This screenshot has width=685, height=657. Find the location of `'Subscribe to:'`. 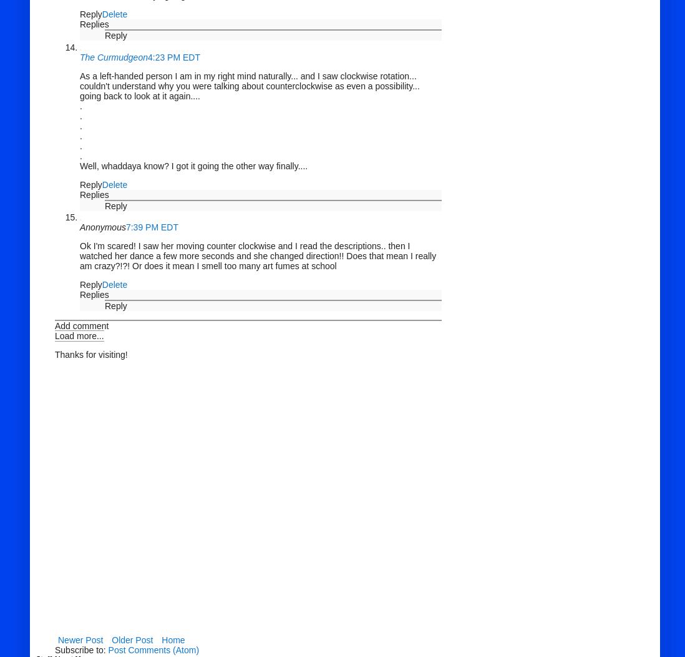

'Subscribe to:' is located at coordinates (81, 649).